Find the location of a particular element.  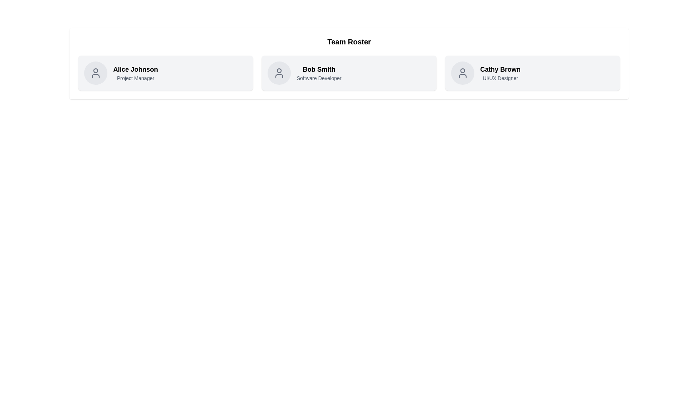

static text indicating the role 'UI/UX Designer' located on the second line of the profile card for 'Cathy Brown', which is the third card in a three-card layout is located at coordinates (500, 78).